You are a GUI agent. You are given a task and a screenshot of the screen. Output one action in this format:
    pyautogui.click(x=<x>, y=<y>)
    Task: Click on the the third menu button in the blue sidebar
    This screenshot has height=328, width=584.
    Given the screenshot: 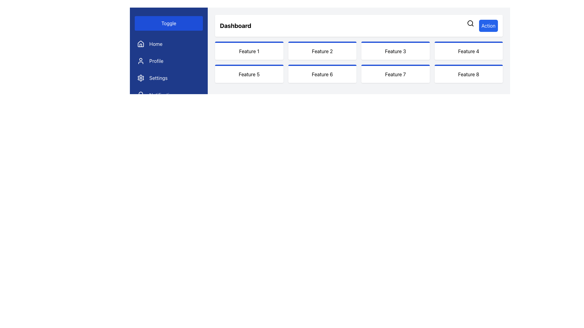 What is the action you would take?
    pyautogui.click(x=169, y=78)
    